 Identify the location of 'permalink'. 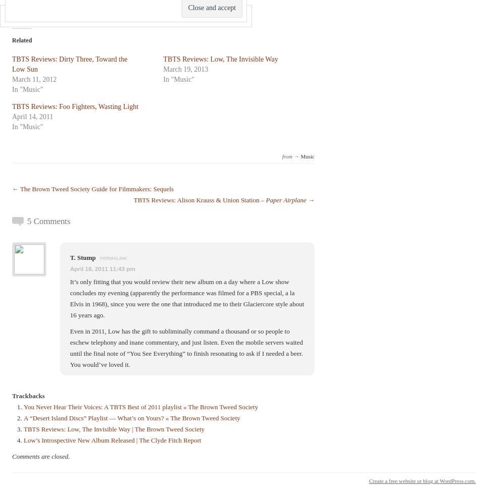
(112, 257).